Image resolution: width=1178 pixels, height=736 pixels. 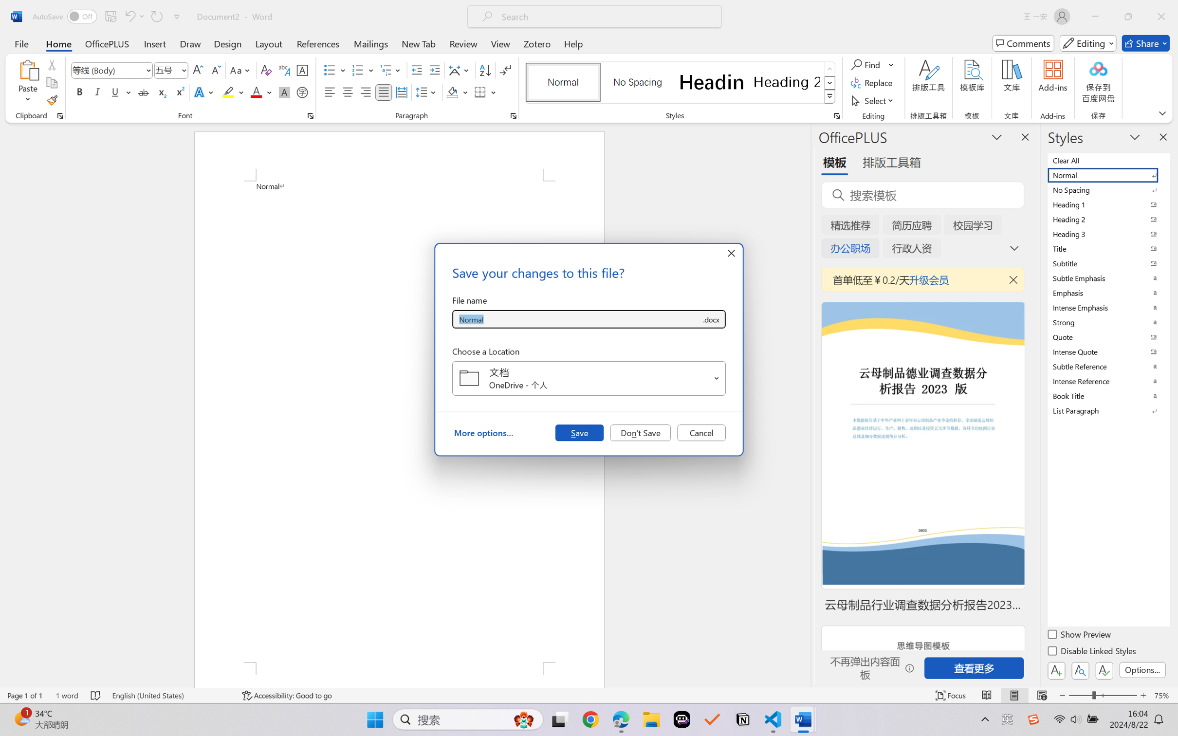 What do you see at coordinates (997, 137) in the screenshot?
I see `'Task Pane Options'` at bounding box center [997, 137].